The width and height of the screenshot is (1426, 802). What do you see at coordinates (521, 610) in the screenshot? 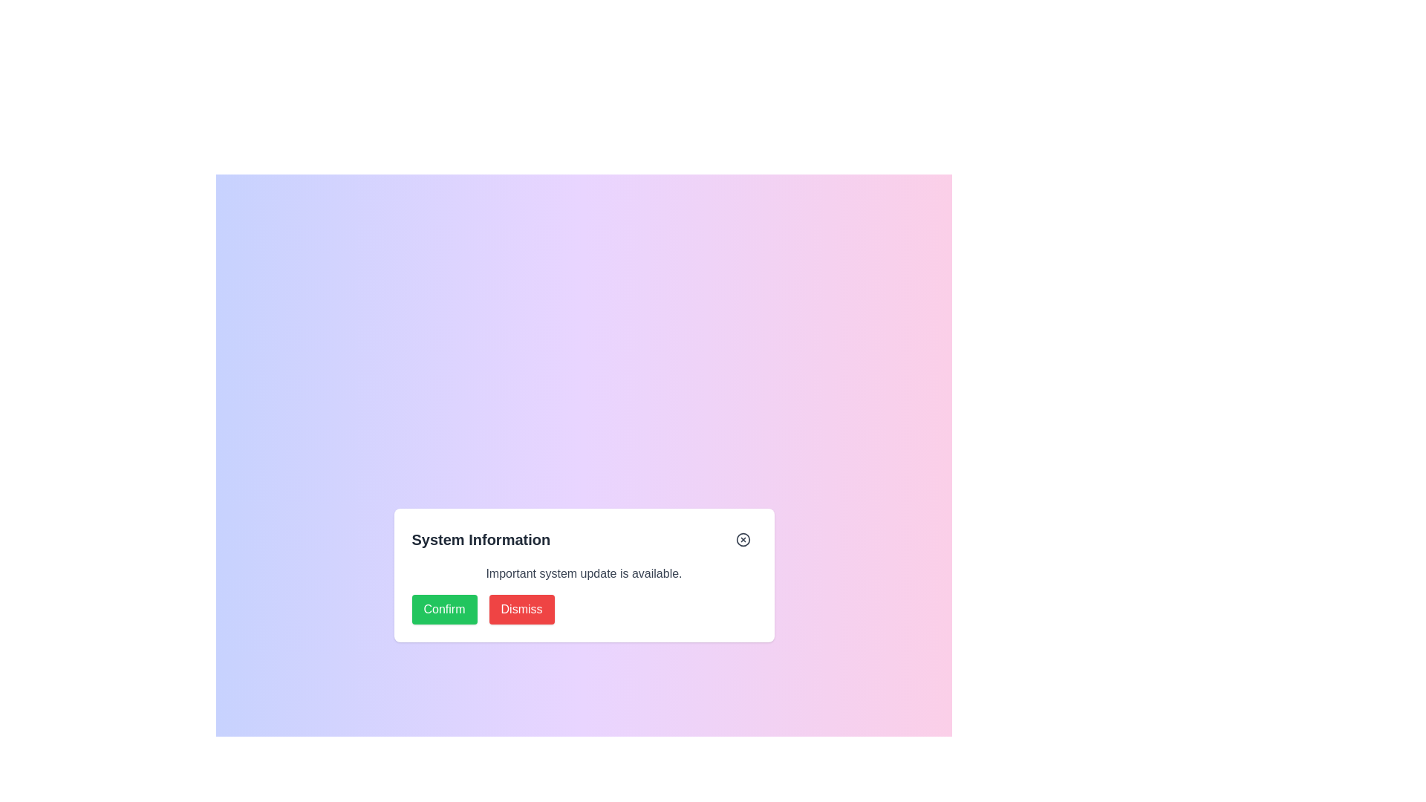
I see `the red 'Dismiss' button to observe style changes, which include a background color change to a darker red` at bounding box center [521, 610].